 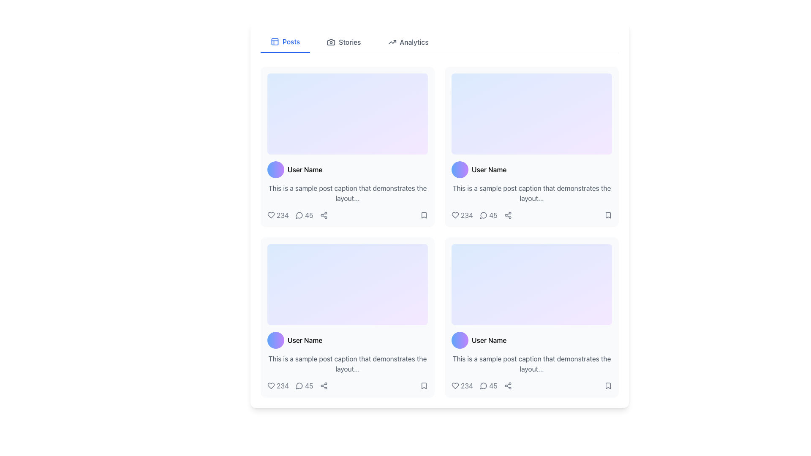 What do you see at coordinates (347, 363) in the screenshot?
I see `the text label that displays 'This is a sample post caption that demonstrates the layout...' located below the username and above the interaction metrics` at bounding box center [347, 363].